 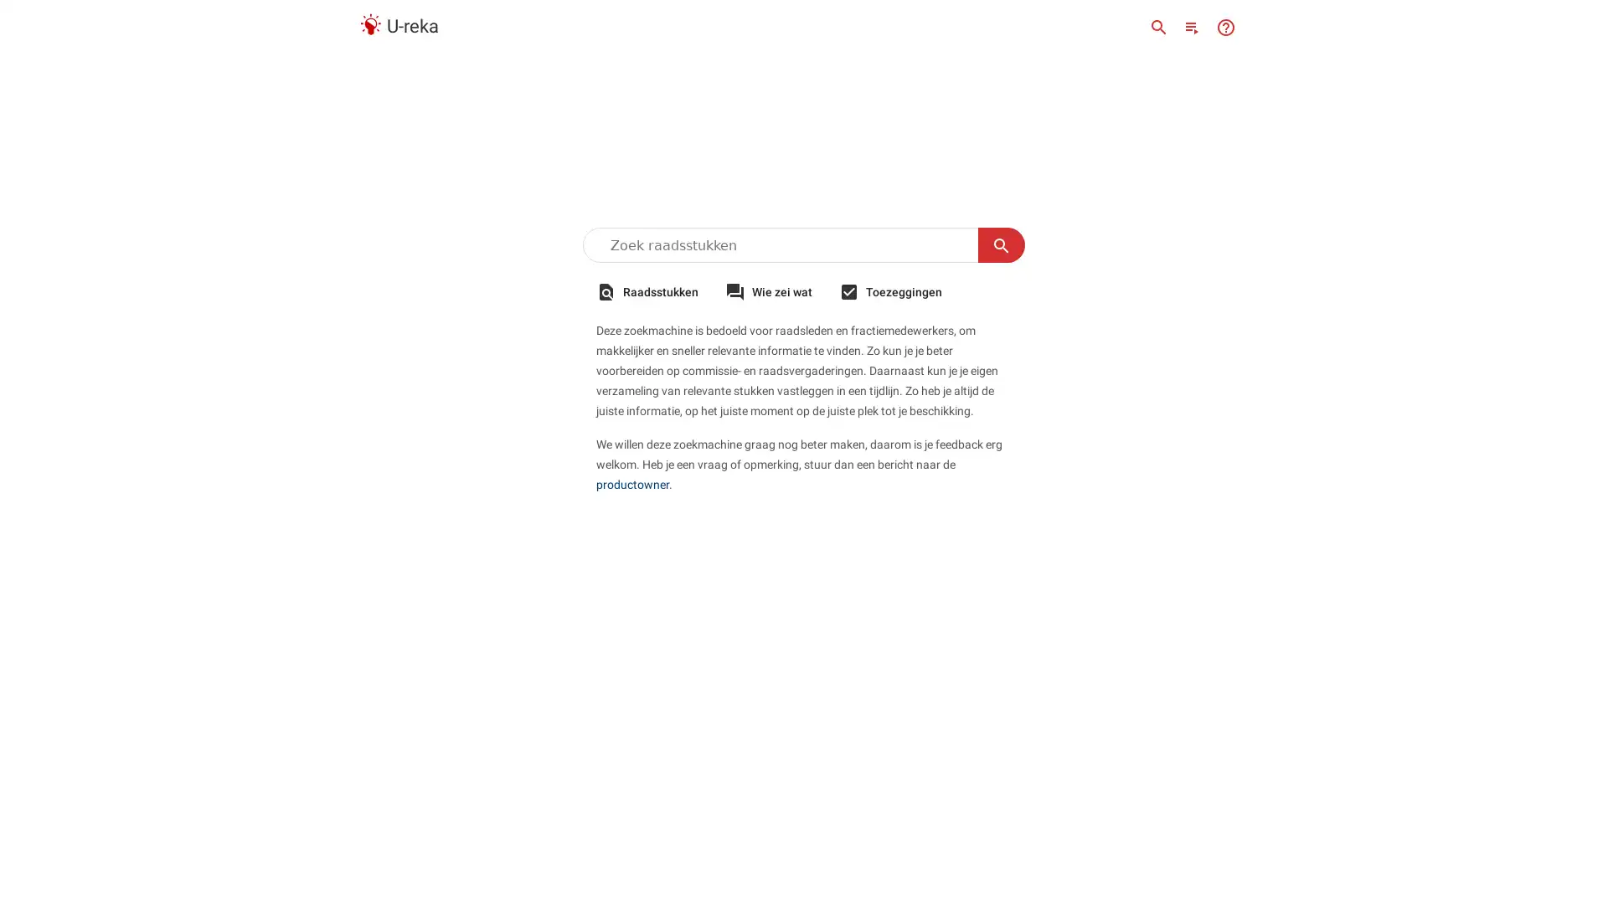 I want to click on Wie zei wat, so click(x=767, y=290).